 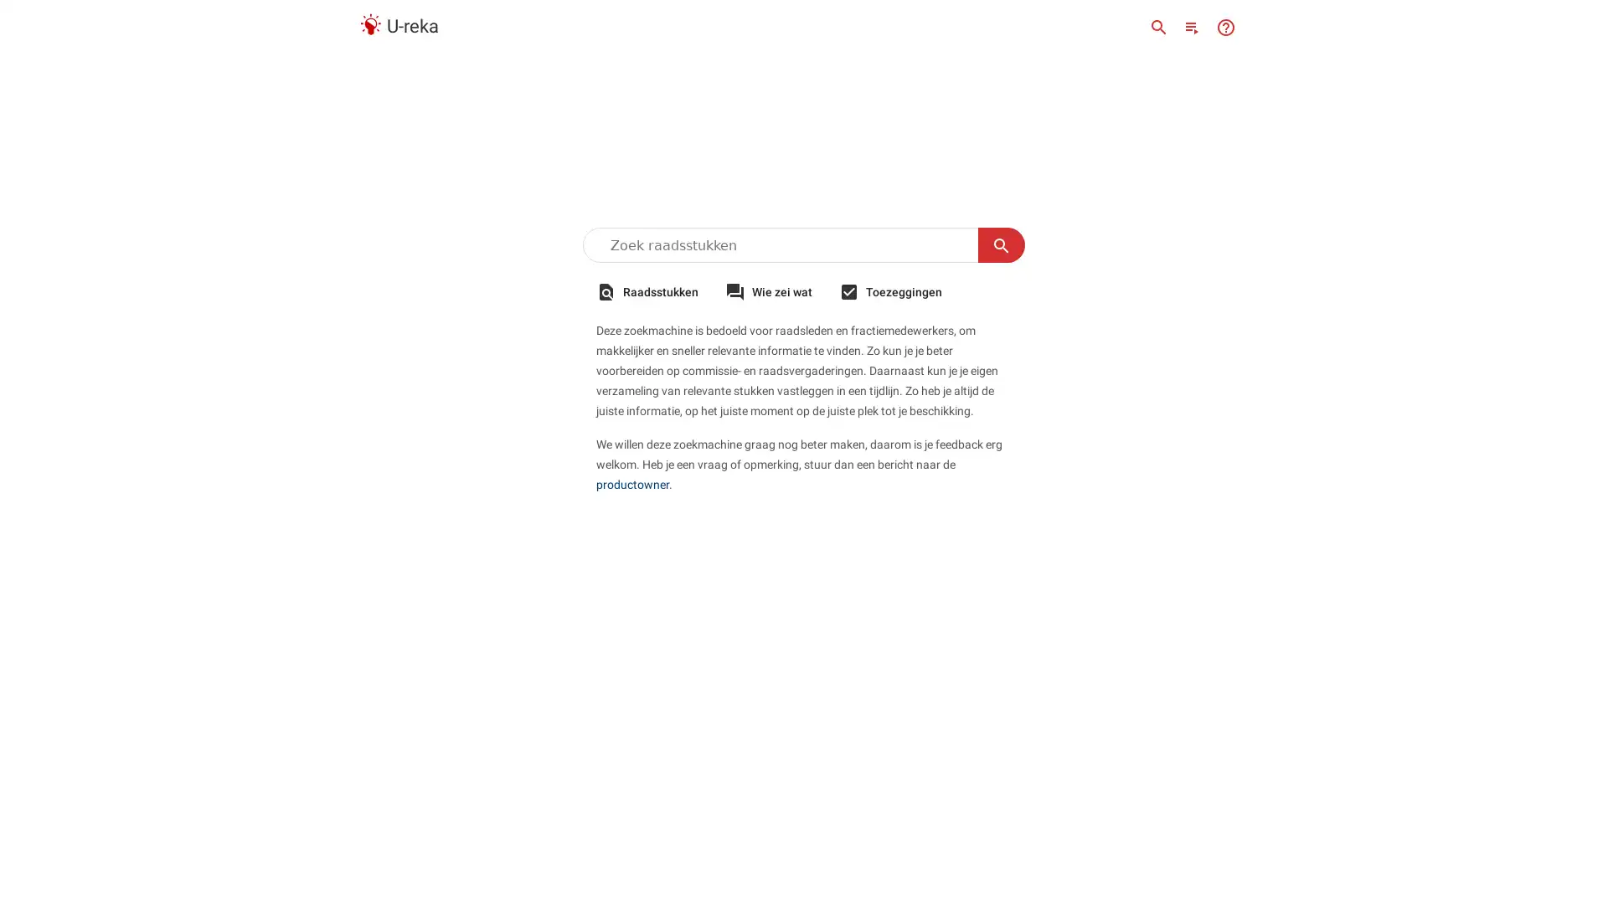 I want to click on Wie zei wat, so click(x=767, y=290).